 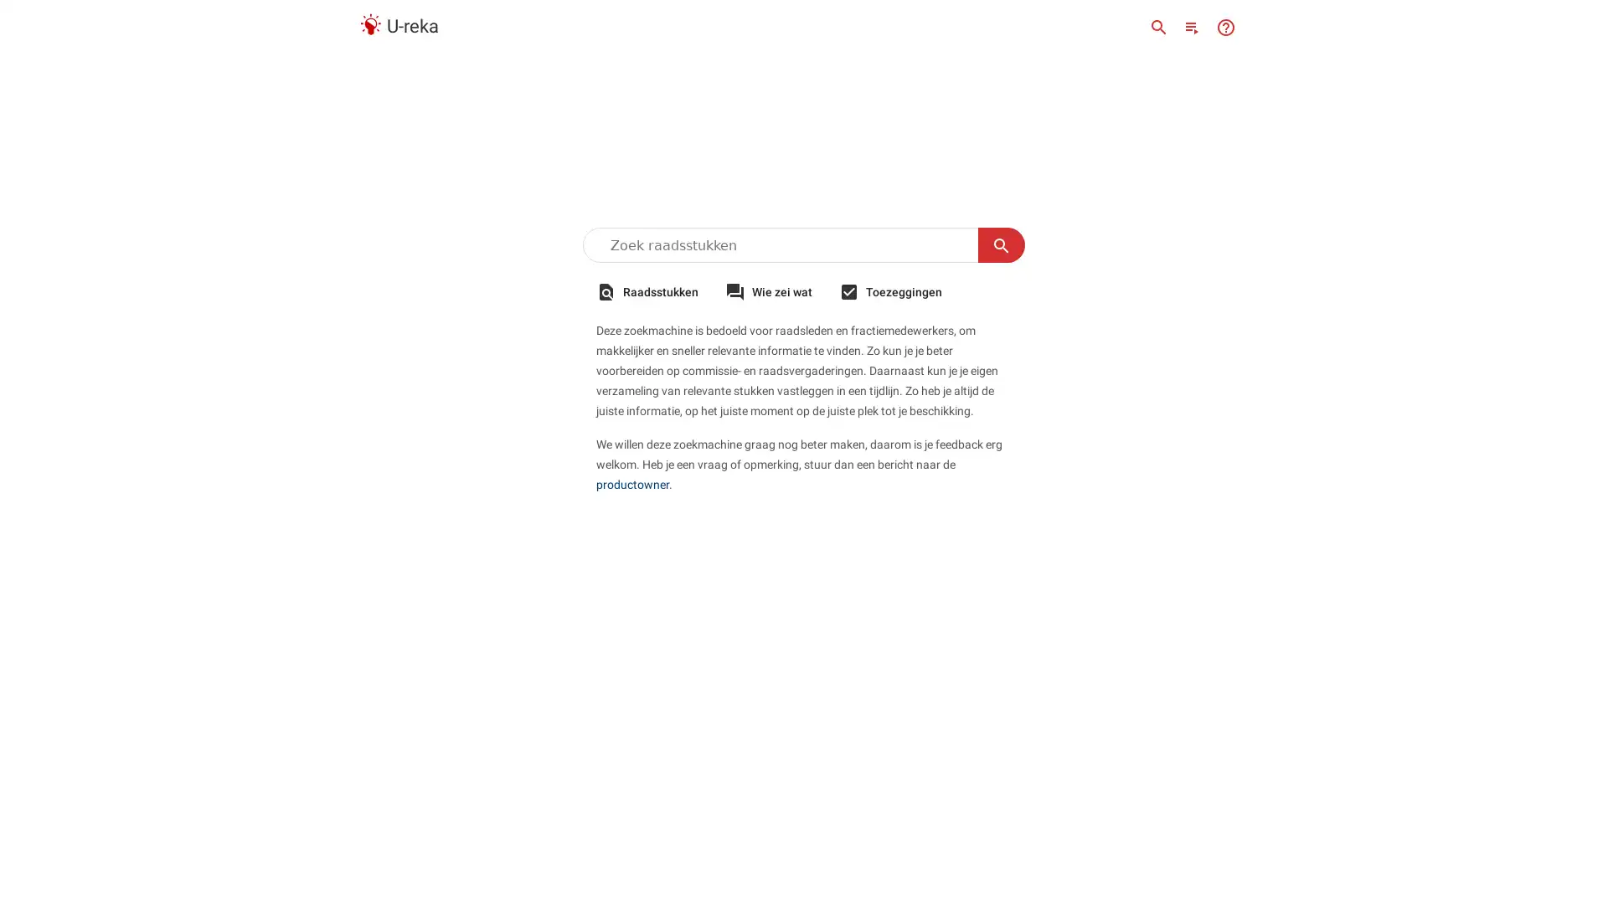 I want to click on Wie zei wat, so click(x=767, y=290).